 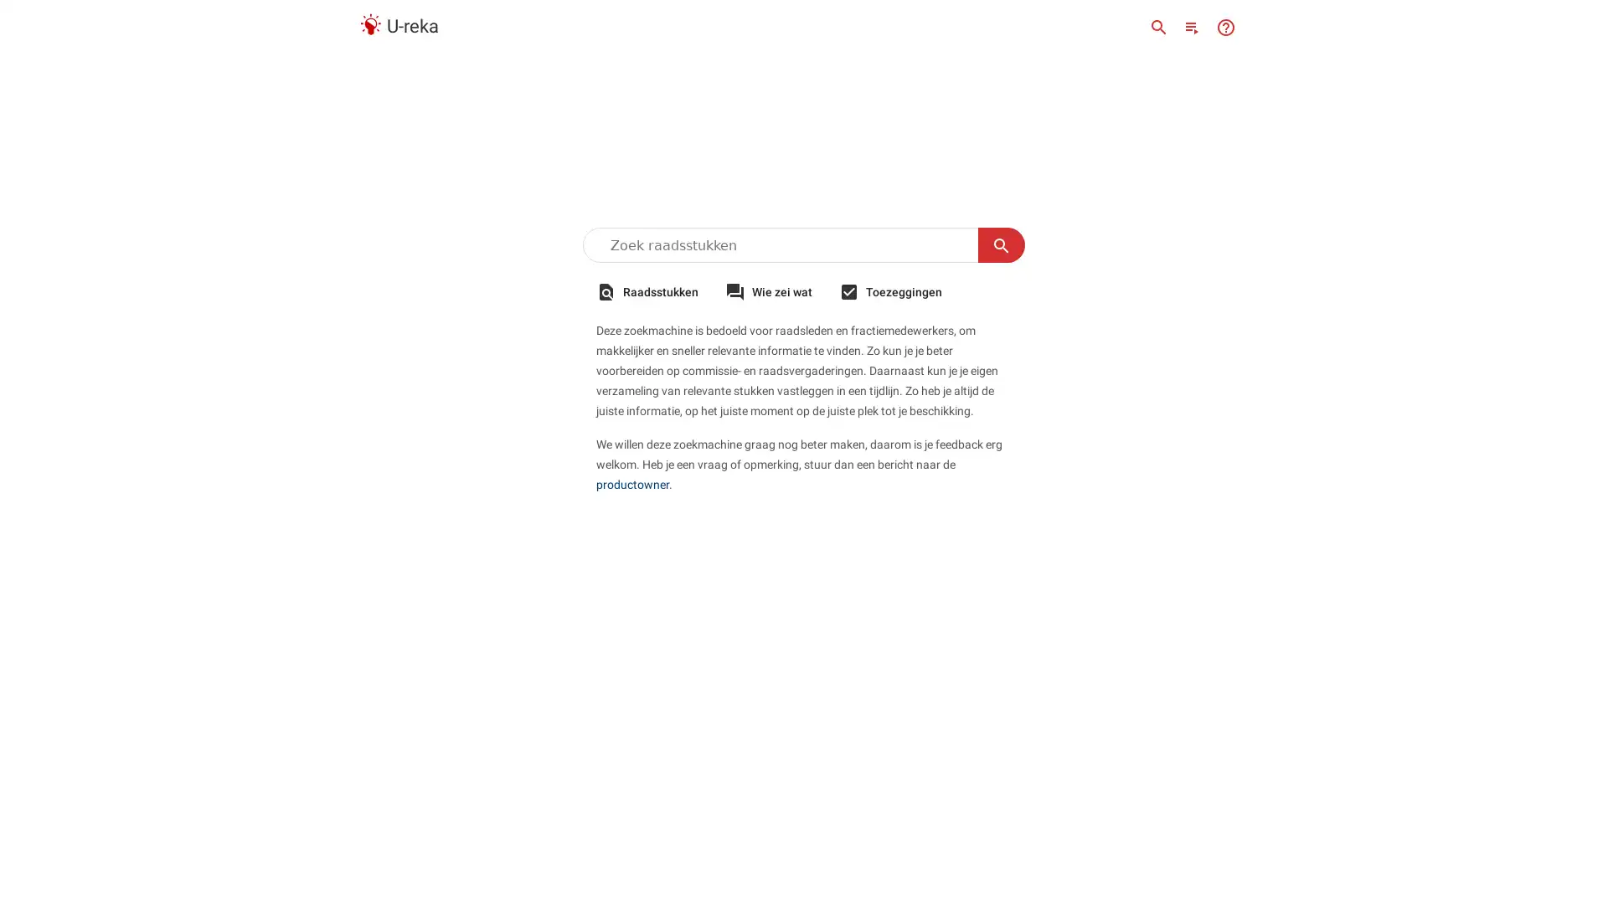 I want to click on Wie zei wat, so click(x=767, y=290).